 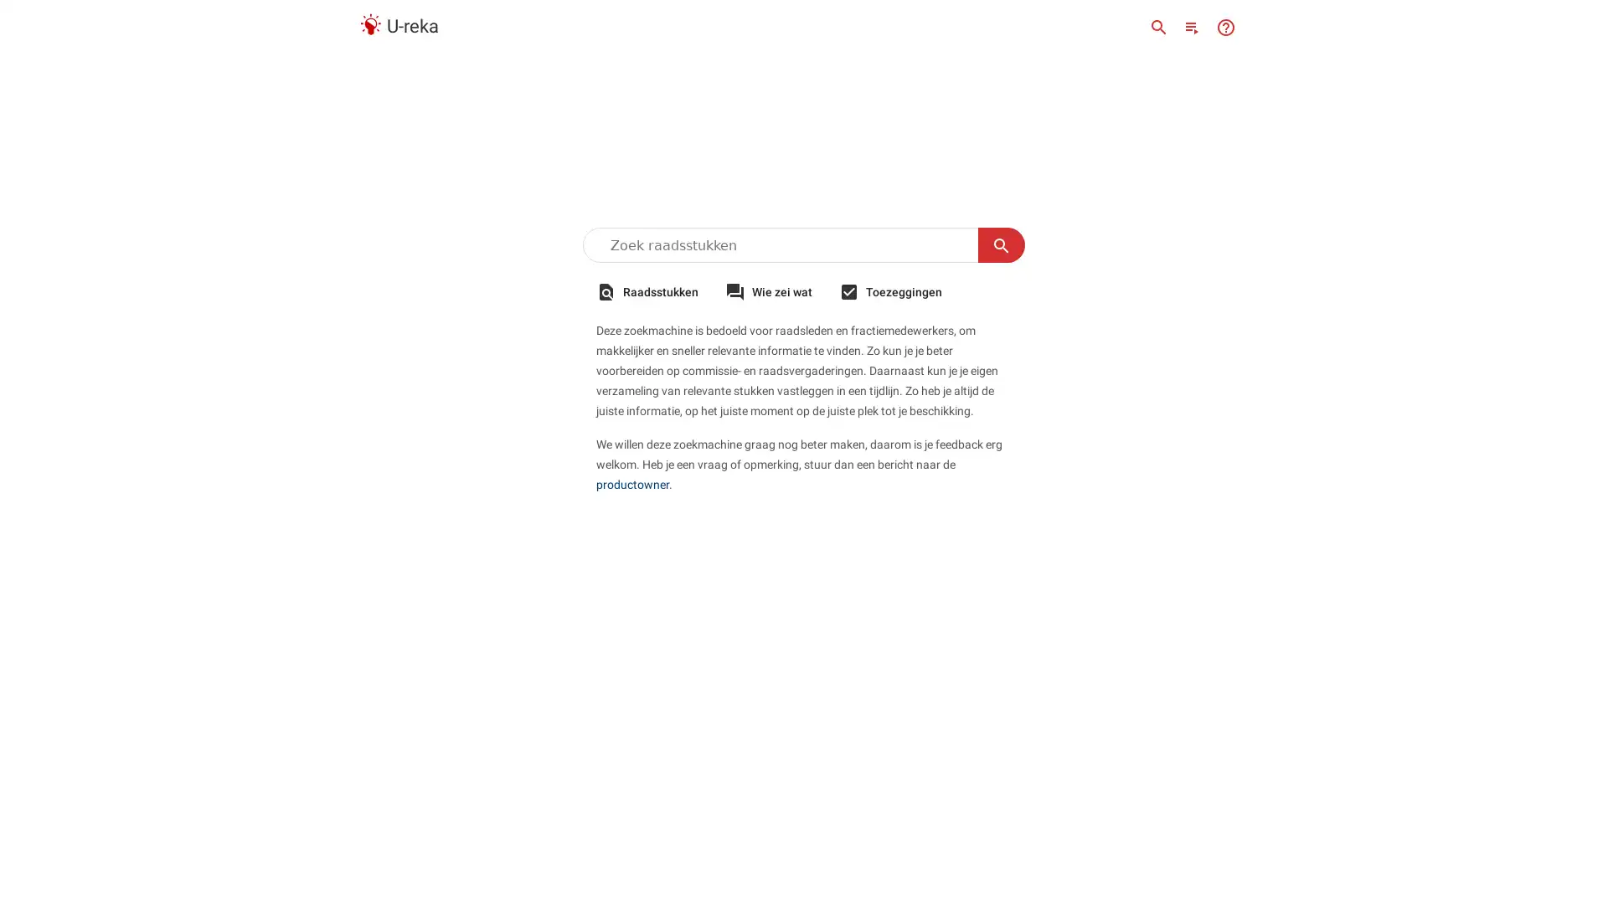 I want to click on Wie zei wat, so click(x=767, y=290).